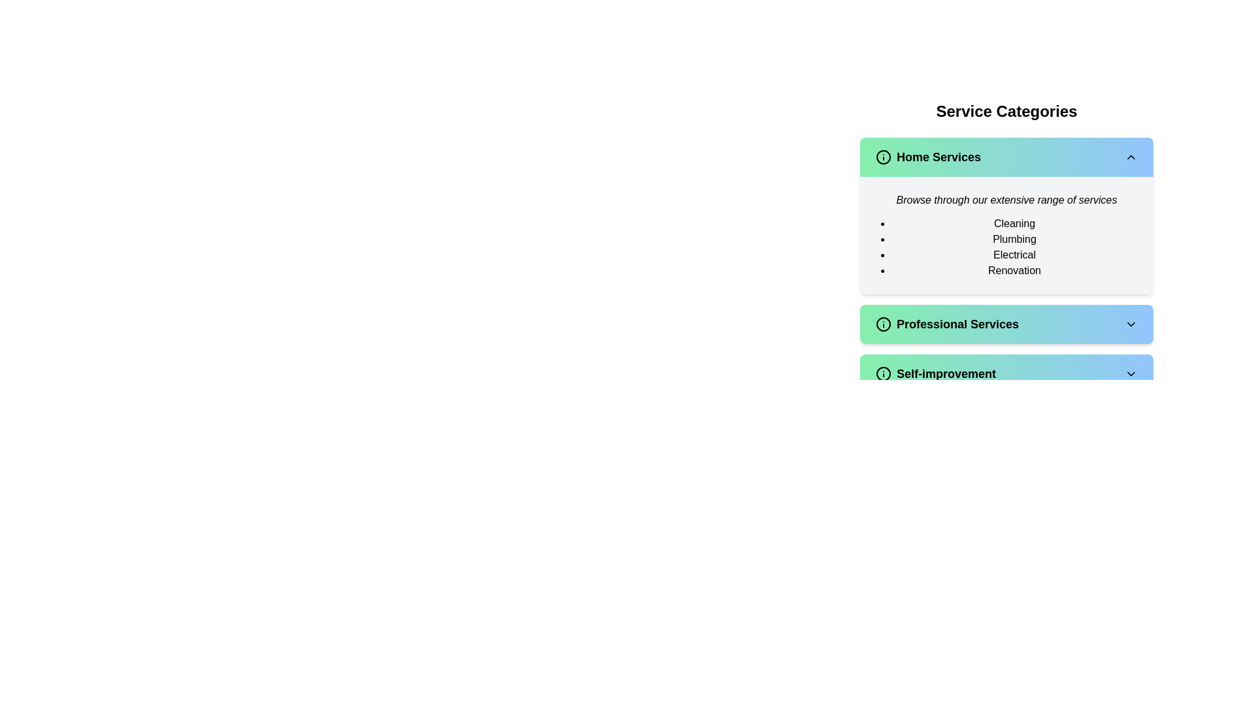  I want to click on the text label representing the electrical services category located as the third item under the 'Home Services' category, so click(1014, 255).